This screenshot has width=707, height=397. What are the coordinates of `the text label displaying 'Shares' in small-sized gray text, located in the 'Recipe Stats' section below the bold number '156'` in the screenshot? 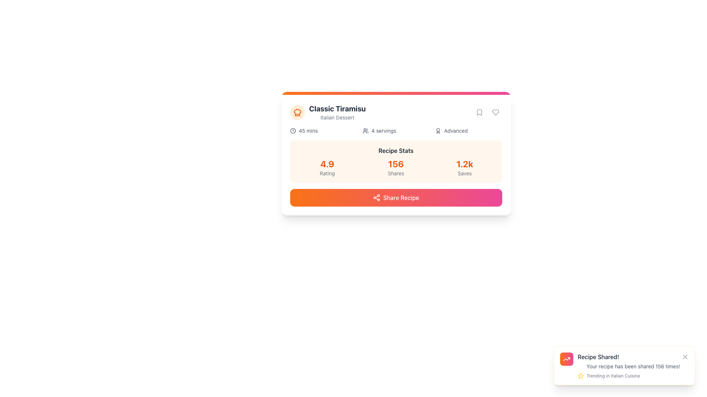 It's located at (395, 173).